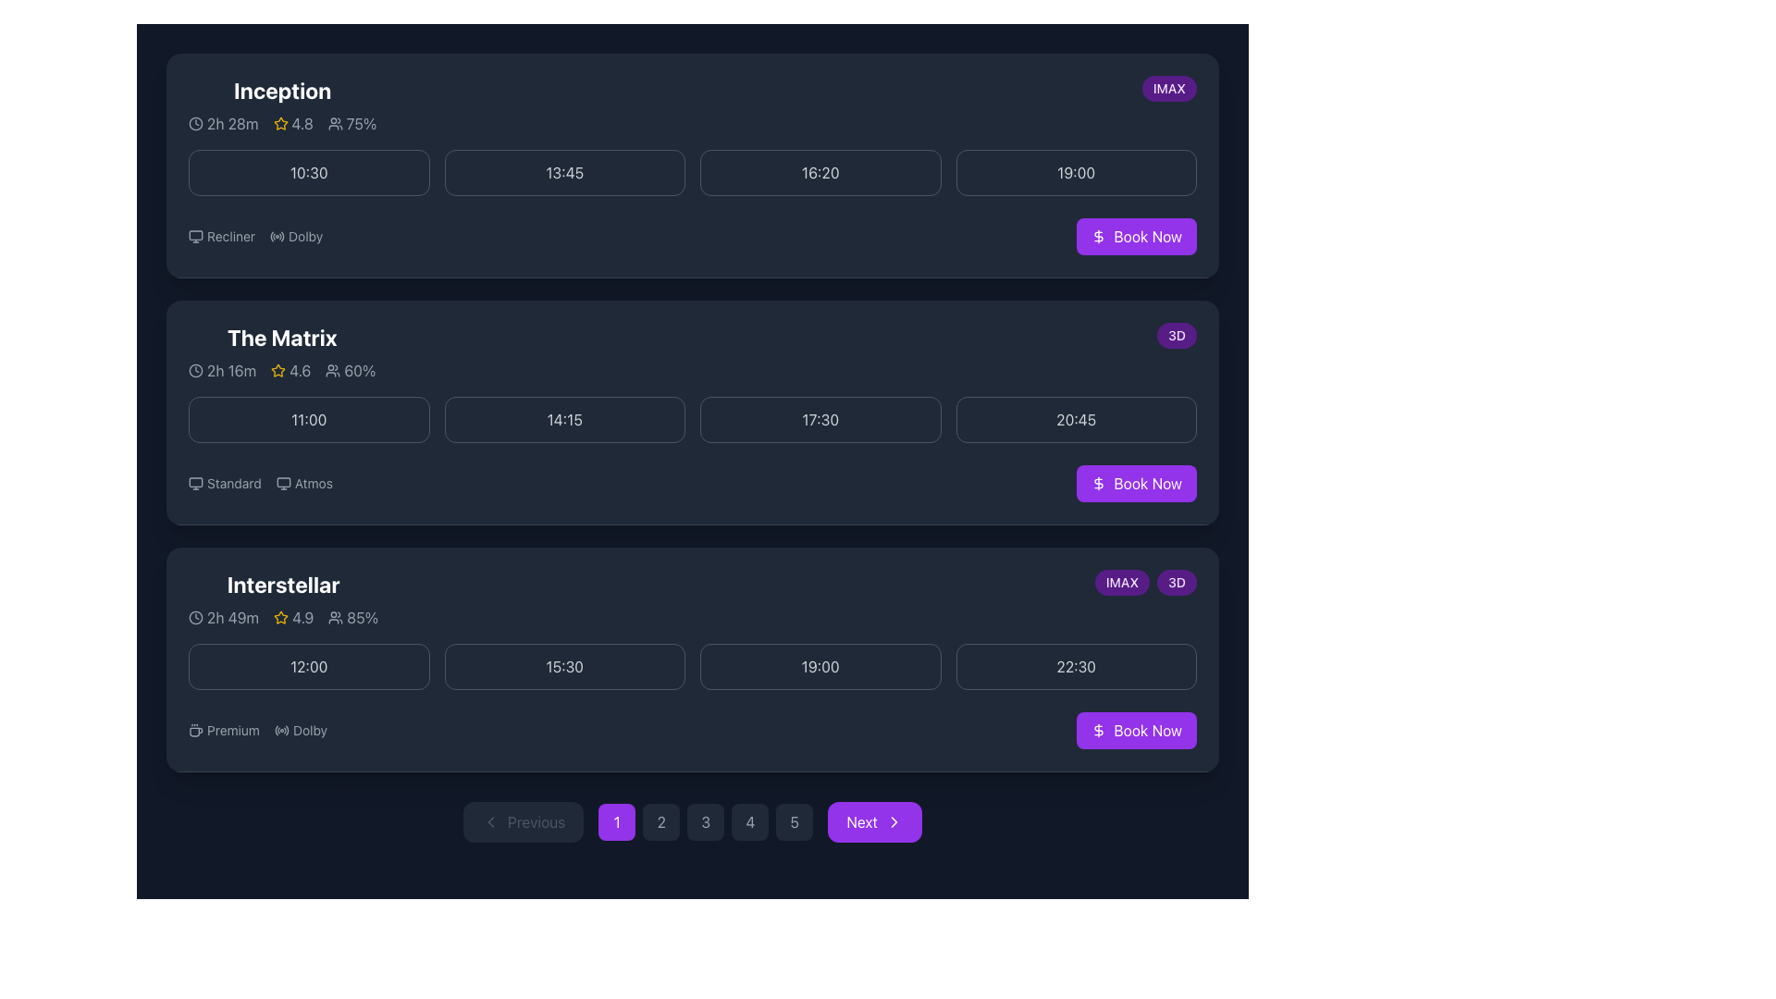 The image size is (1776, 999). What do you see at coordinates (1168, 89) in the screenshot?
I see `the IMAX availability text label positioned in the top-right corner of the 'Inception' movie card, just above the 'Book Now' button` at bounding box center [1168, 89].